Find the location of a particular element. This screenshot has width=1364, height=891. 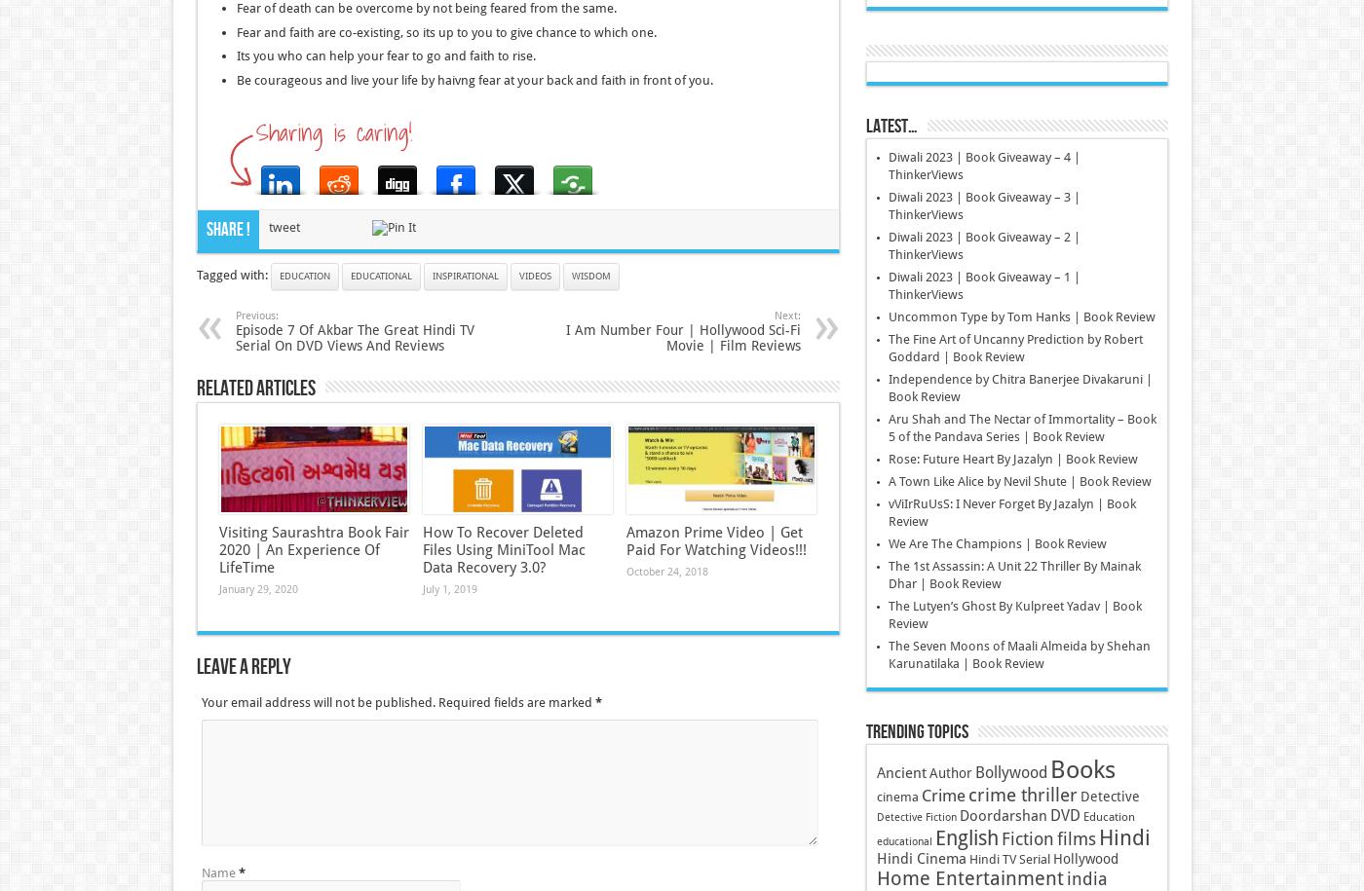

'Diwali 2023 | Book Giveaway – 3 | ThinkerViews' is located at coordinates (887, 205).